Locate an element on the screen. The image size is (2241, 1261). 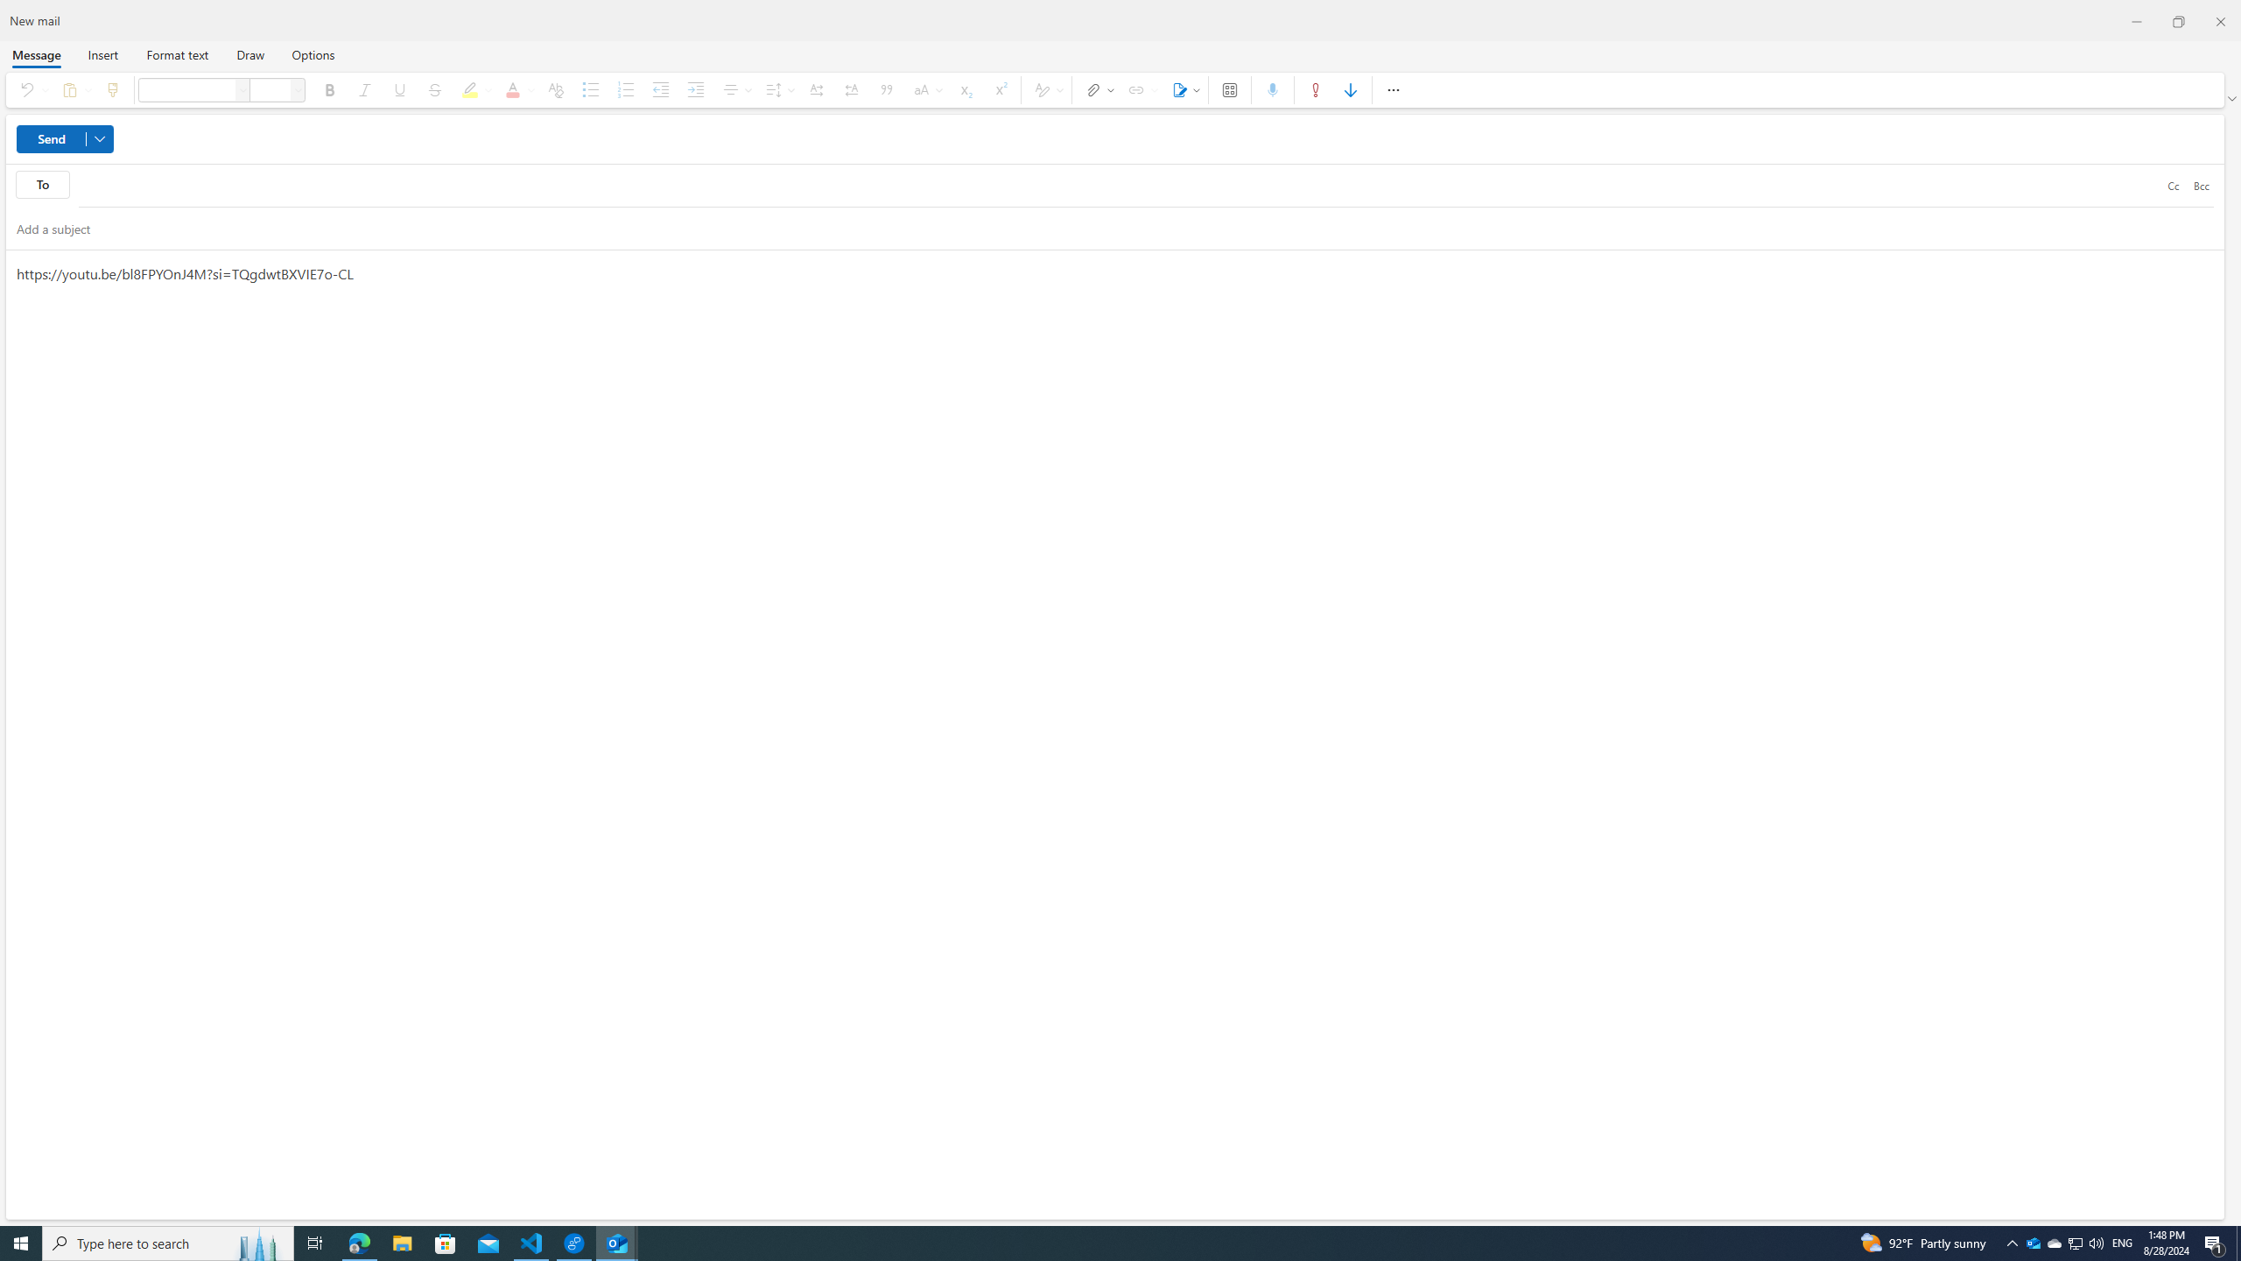
'Low importance' is located at coordinates (1350, 89).